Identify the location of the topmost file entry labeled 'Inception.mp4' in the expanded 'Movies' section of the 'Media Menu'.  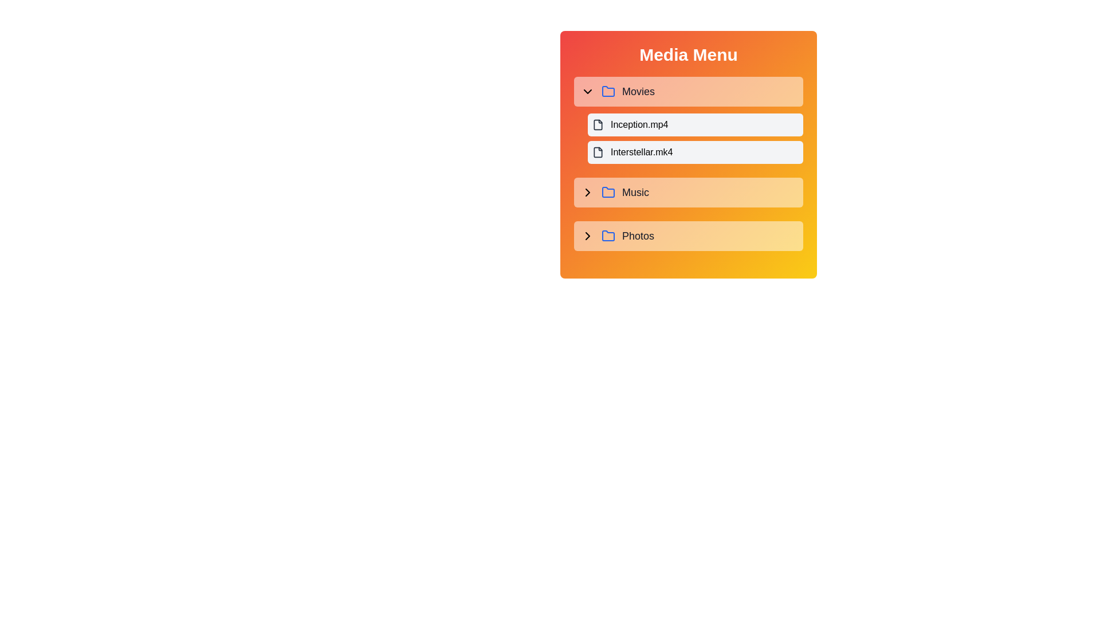
(695, 125).